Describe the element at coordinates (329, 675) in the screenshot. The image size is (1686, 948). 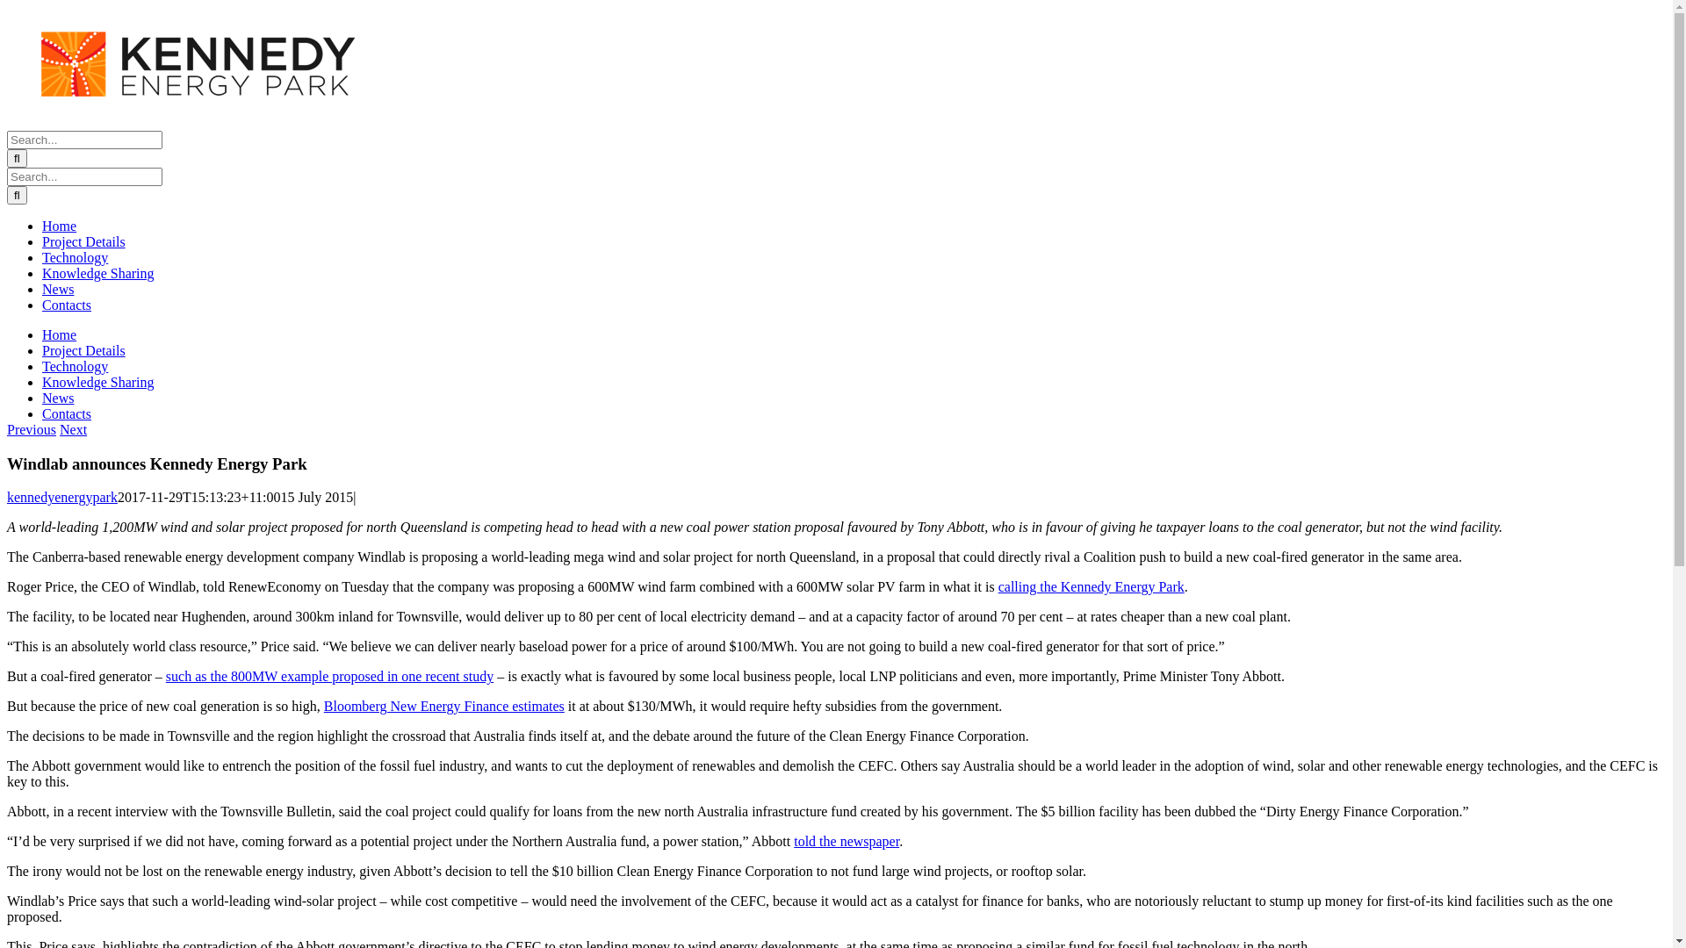
I see `'such as the 800MW example proposed in one recent study'` at that location.